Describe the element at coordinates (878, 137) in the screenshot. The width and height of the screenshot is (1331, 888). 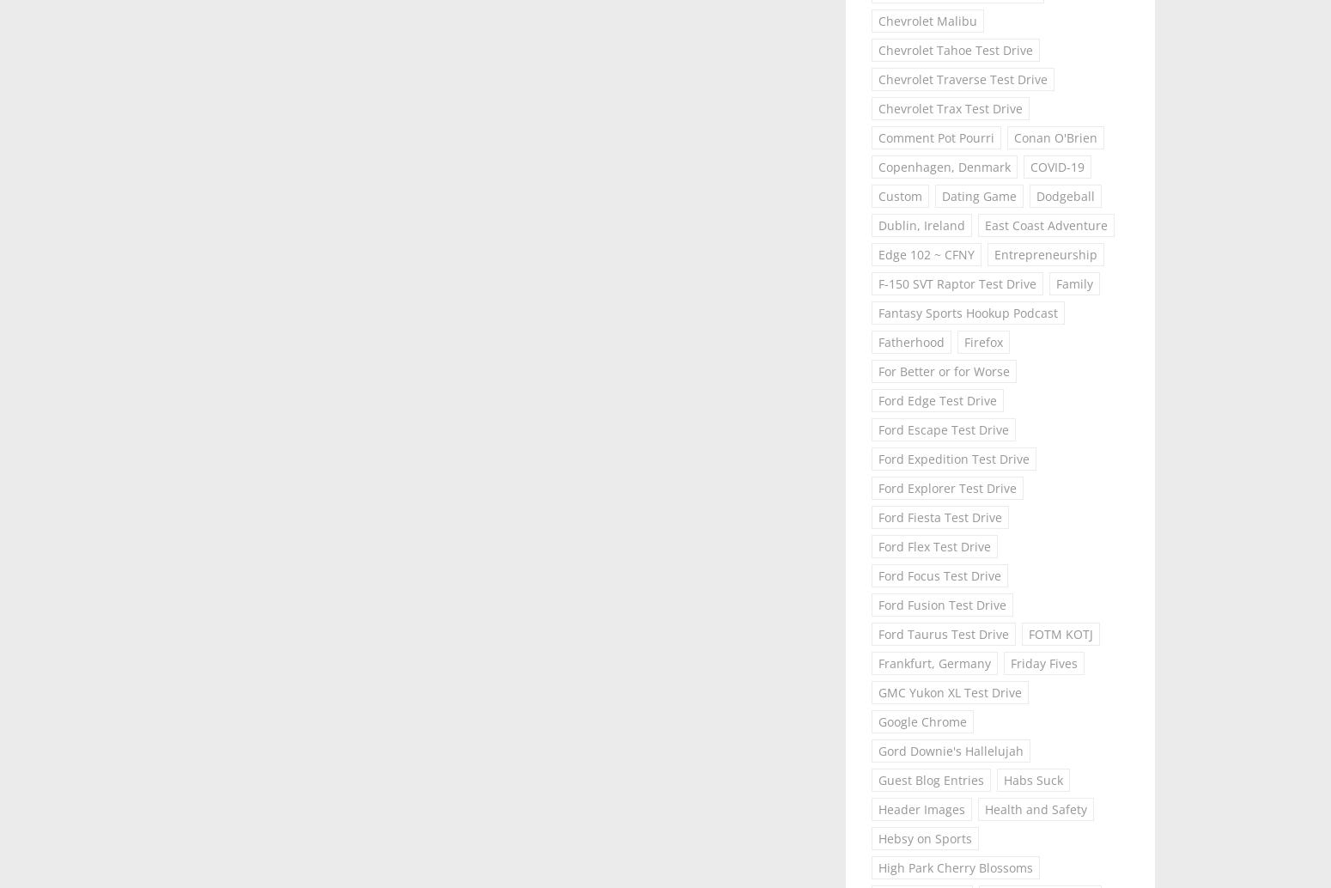
I see `'Comment Pot Pourri'` at that location.